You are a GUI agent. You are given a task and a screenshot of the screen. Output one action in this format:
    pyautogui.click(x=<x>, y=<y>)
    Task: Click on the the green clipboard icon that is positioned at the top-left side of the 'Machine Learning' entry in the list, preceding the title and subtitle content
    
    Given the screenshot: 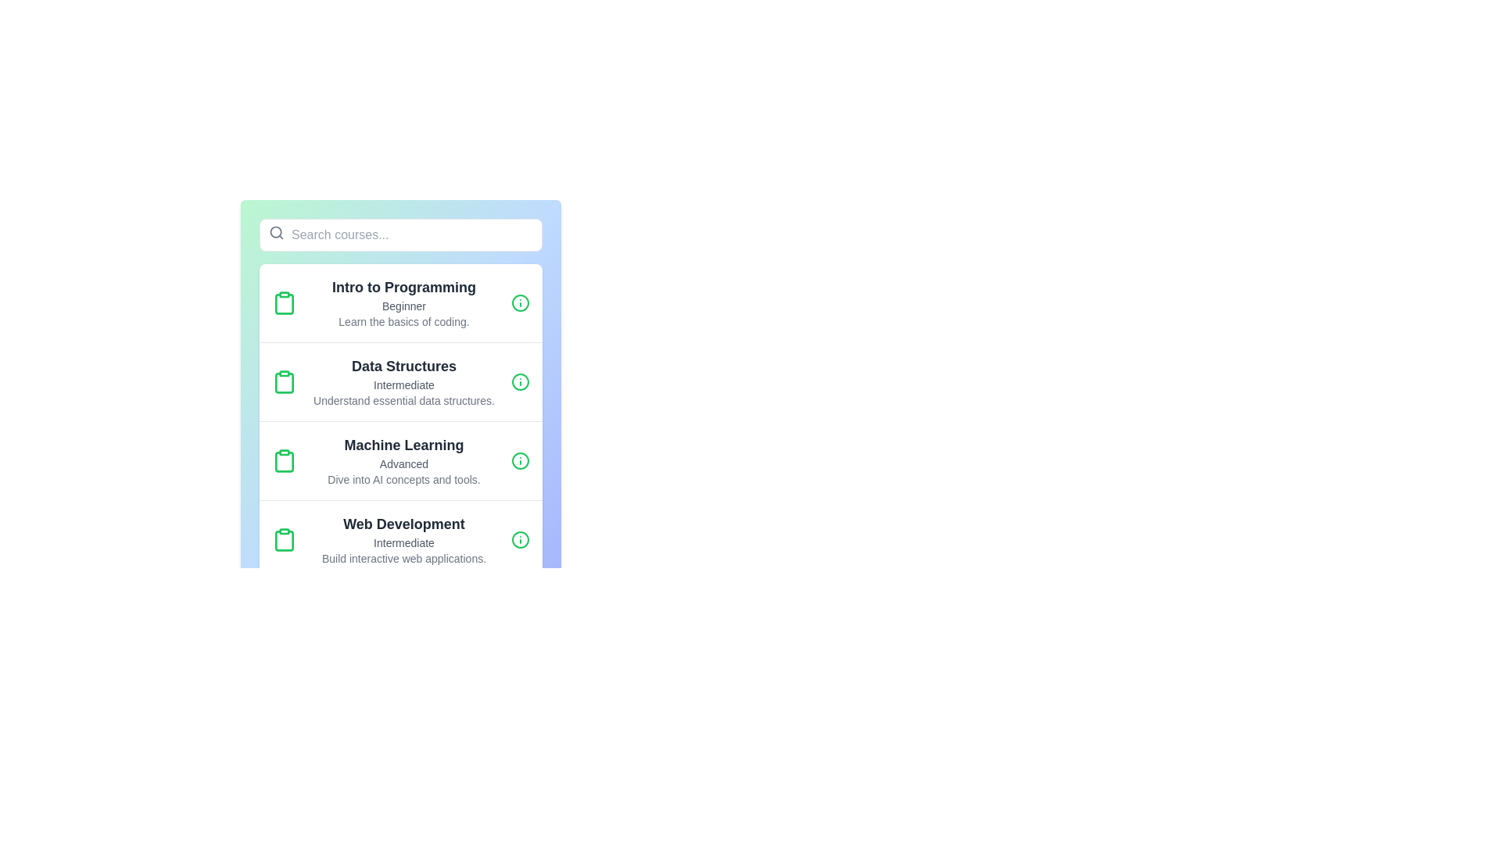 What is the action you would take?
    pyautogui.click(x=285, y=460)
    